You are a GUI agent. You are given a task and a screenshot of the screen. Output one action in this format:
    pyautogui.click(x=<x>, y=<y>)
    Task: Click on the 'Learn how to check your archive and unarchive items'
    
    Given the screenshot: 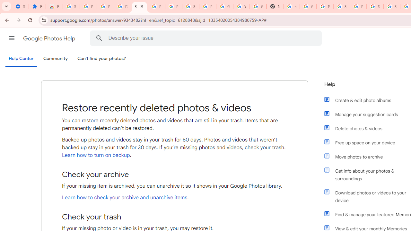 What is the action you would take?
    pyautogui.click(x=125, y=197)
    